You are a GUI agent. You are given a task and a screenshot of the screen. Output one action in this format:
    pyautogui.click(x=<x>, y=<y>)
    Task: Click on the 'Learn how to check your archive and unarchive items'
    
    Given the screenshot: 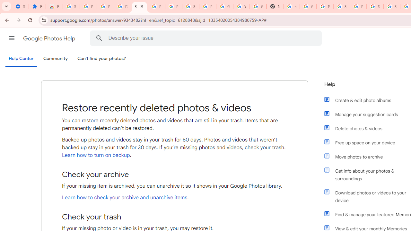 What is the action you would take?
    pyautogui.click(x=125, y=197)
    